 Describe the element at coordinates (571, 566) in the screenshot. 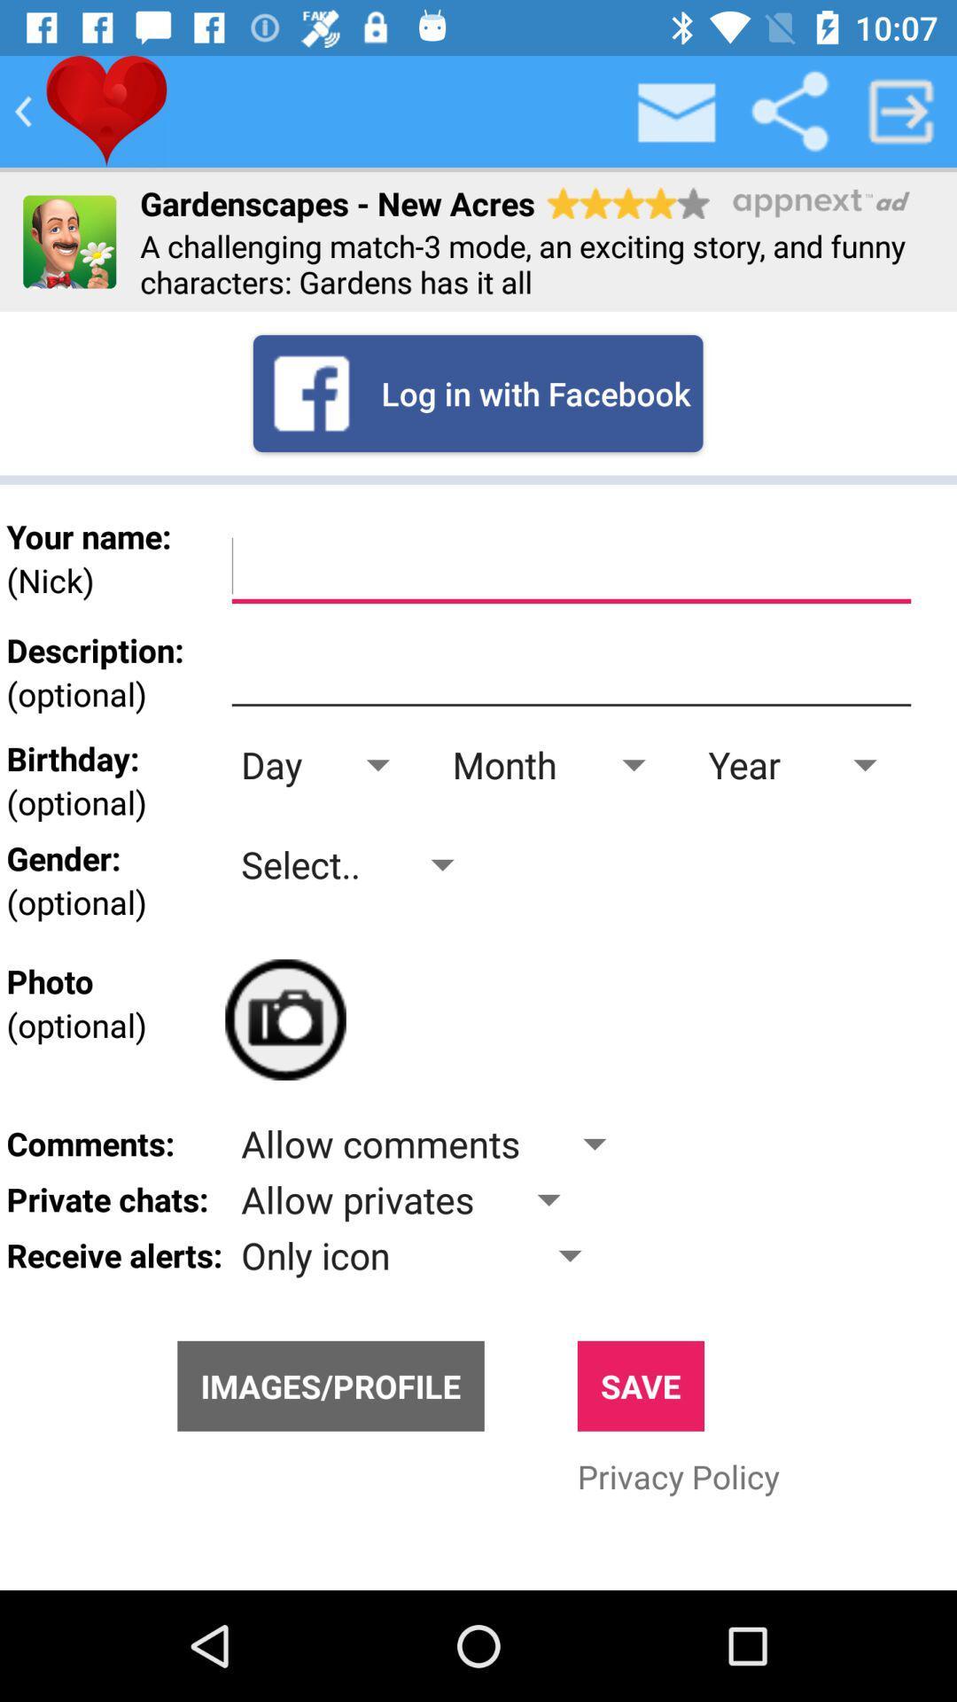

I see `name` at that location.